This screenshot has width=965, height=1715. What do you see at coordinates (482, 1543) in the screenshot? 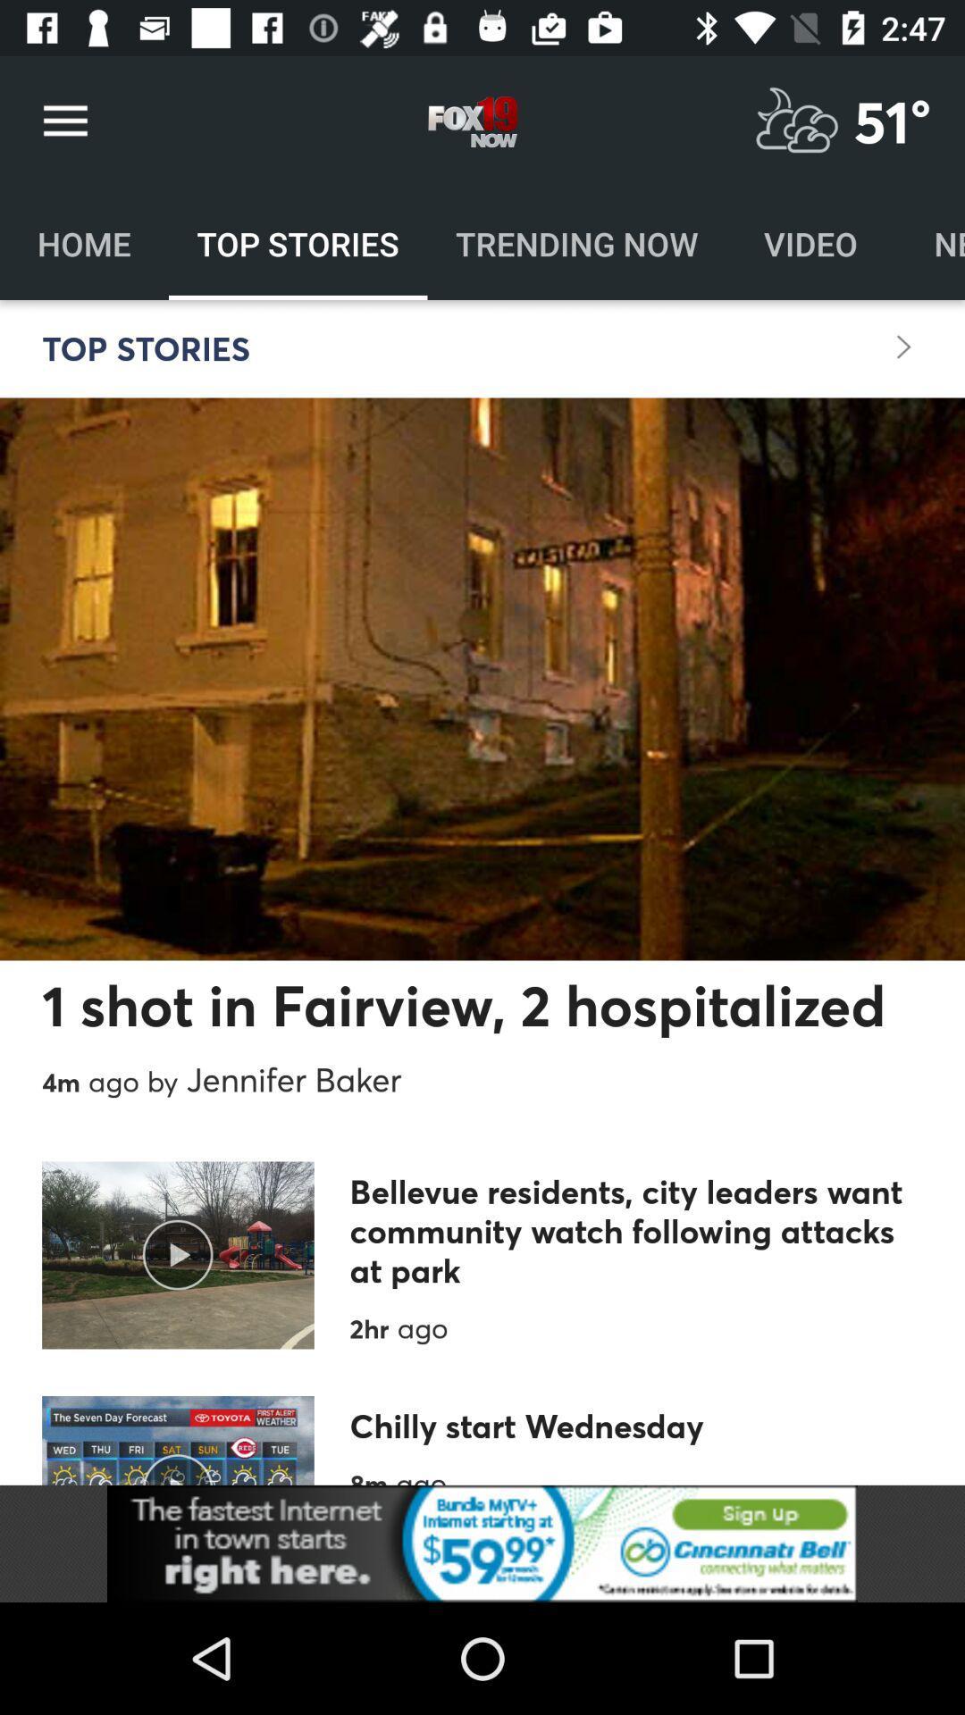
I see `advertisement space` at bounding box center [482, 1543].